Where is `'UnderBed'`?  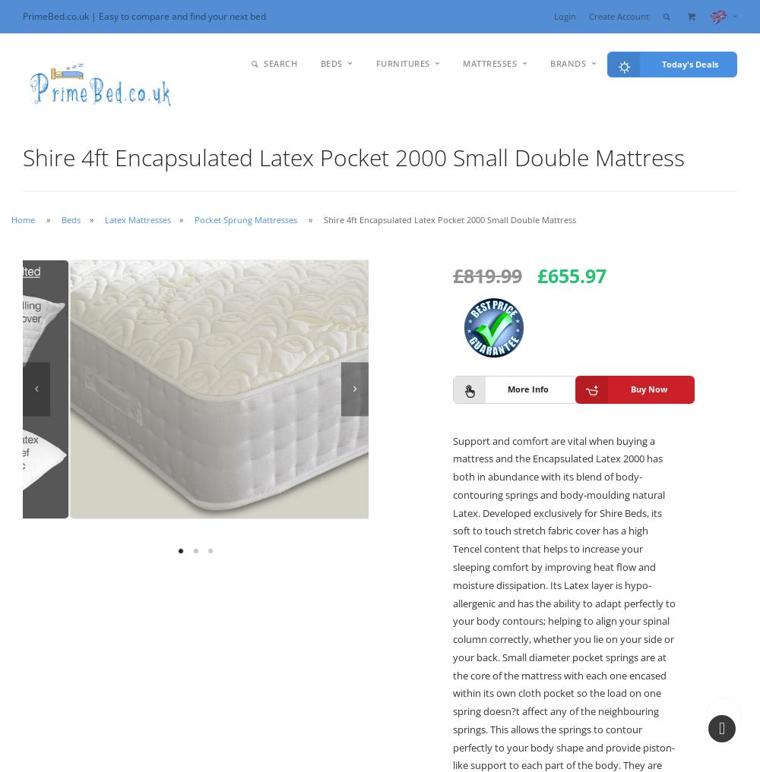
'UnderBed' is located at coordinates (416, 255).